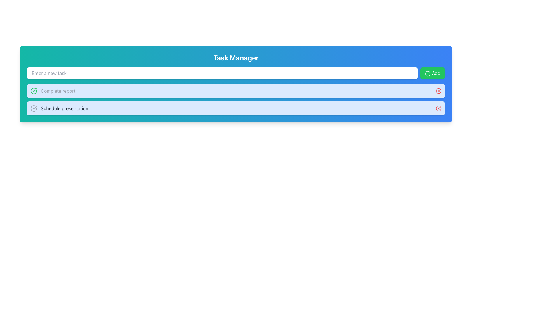 The height and width of the screenshot is (315, 560). I want to click on the task label indicating 'Complete report' marked as completed, which features a strikethrough style and a green checkmark icon to its left, so click(53, 91).